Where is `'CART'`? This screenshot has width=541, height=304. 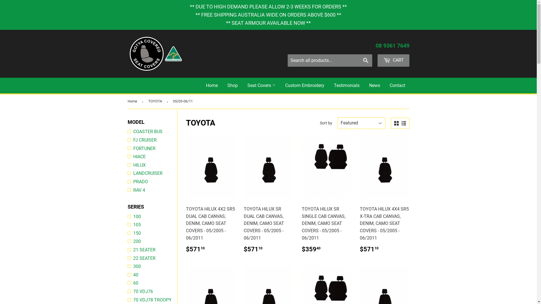 'CART' is located at coordinates (377, 61).